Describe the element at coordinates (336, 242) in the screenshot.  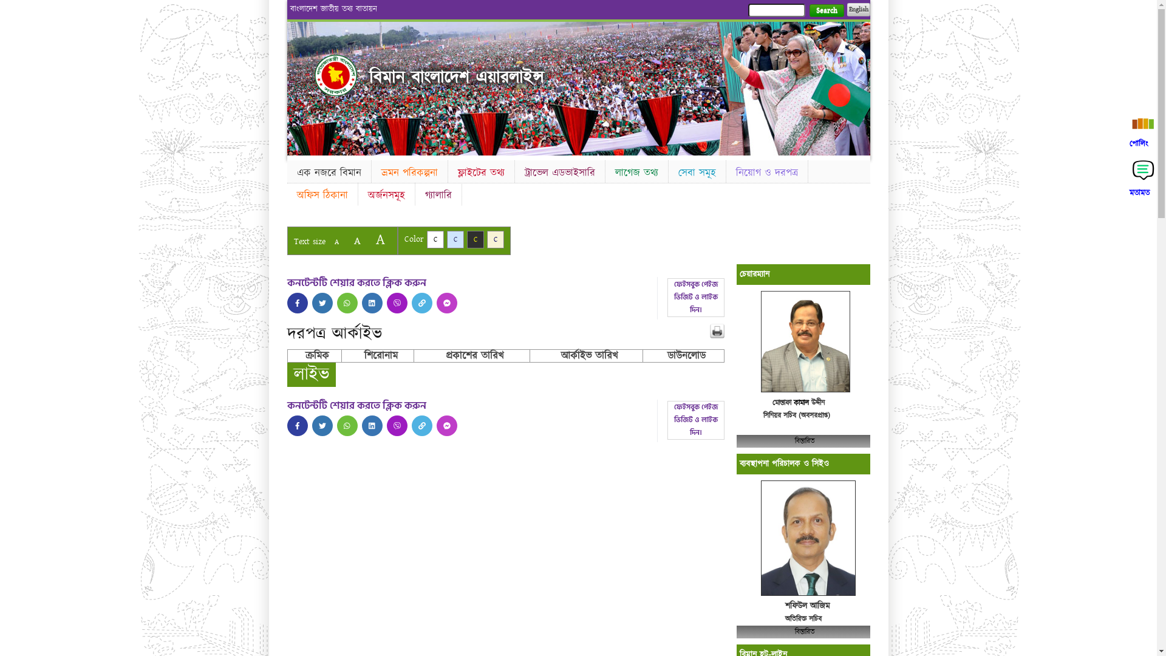
I see `'A'` at that location.